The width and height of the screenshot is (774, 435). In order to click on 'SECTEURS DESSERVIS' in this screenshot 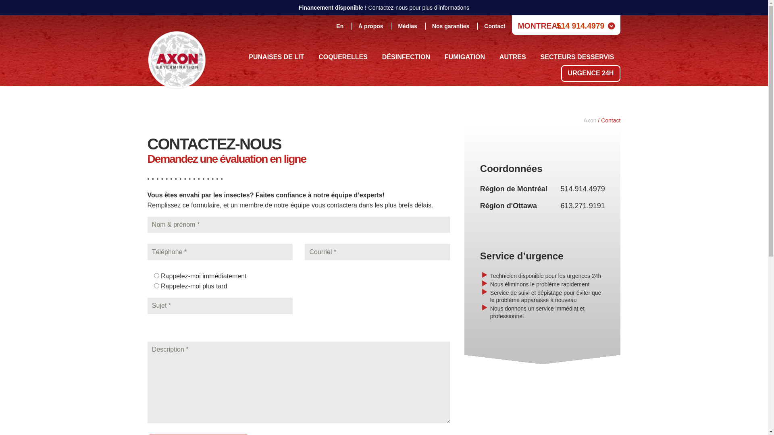, I will do `click(577, 57)`.